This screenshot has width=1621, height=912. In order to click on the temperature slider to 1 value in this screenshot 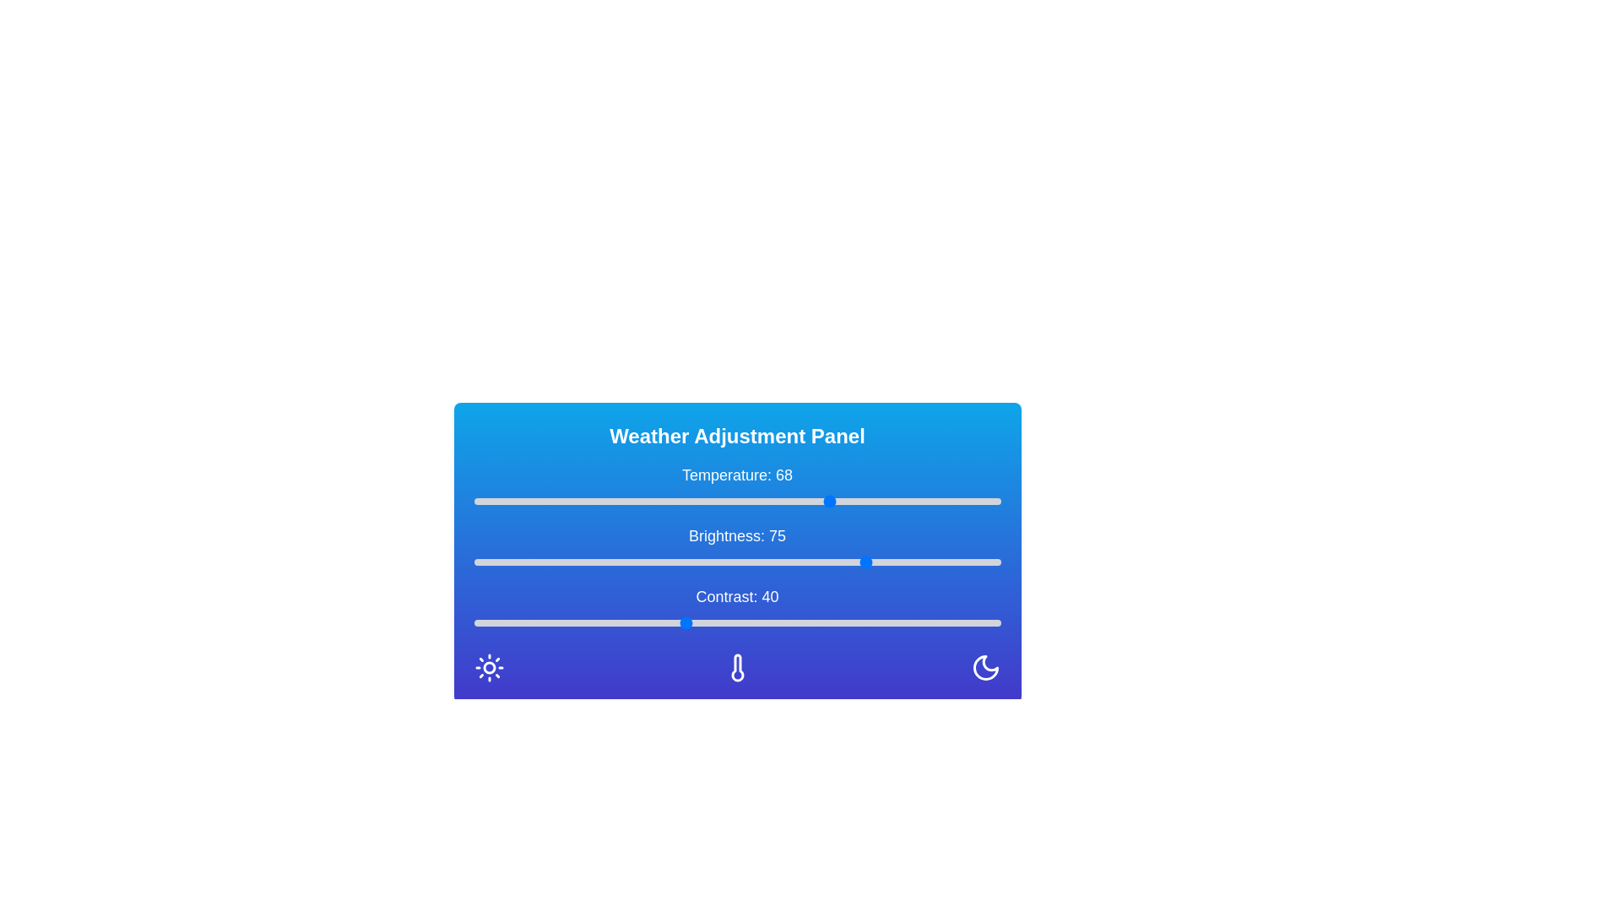, I will do `click(478, 501)`.